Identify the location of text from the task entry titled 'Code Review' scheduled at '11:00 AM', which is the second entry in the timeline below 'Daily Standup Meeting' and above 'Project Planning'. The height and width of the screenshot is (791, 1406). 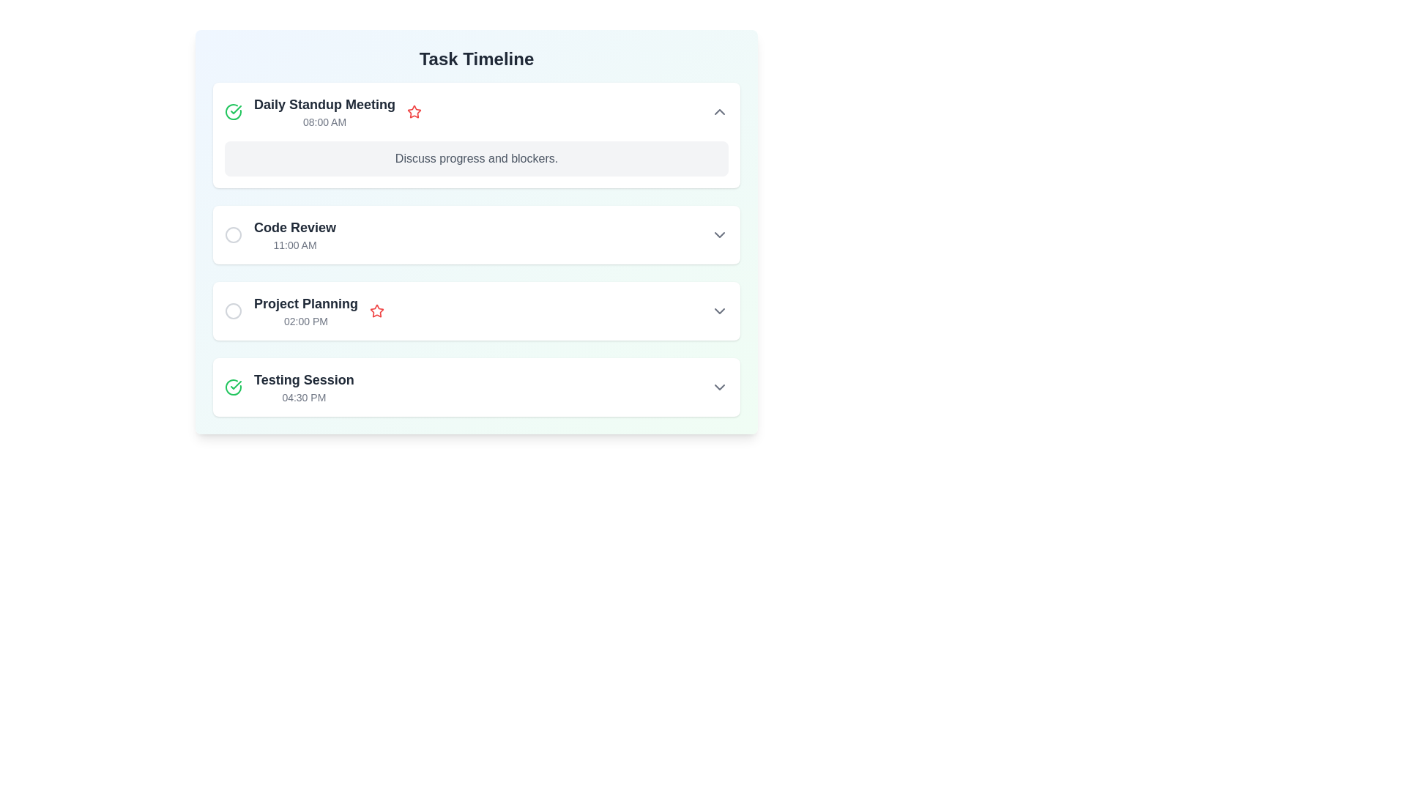
(294, 234).